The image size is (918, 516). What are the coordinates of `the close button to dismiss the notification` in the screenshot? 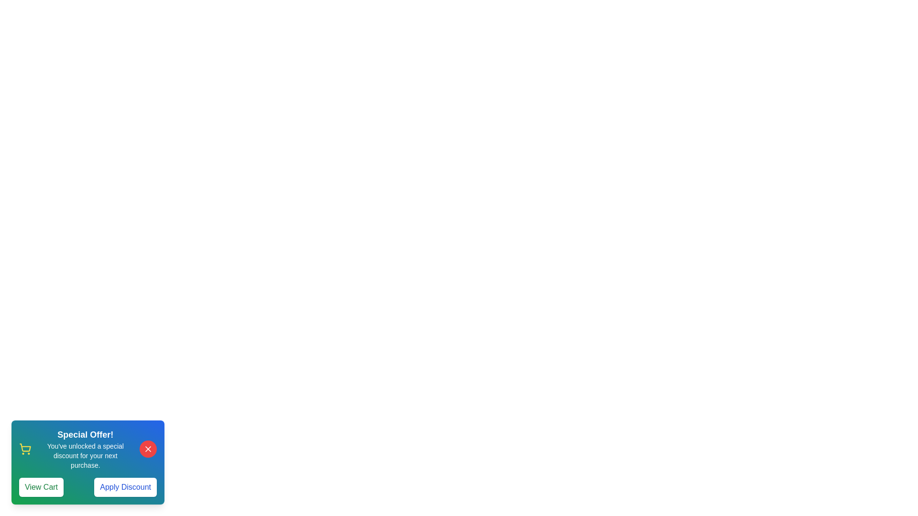 It's located at (148, 449).